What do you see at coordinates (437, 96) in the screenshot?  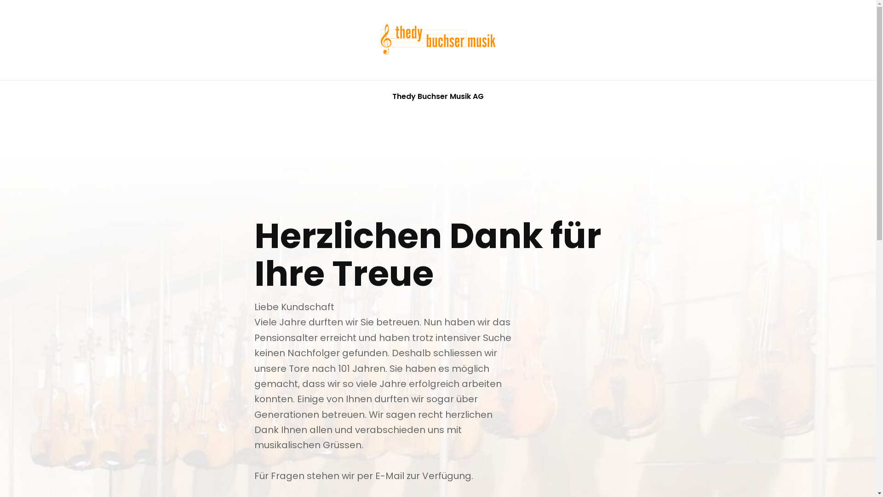 I see `'Thedy Buchser Musik AG'` at bounding box center [437, 96].